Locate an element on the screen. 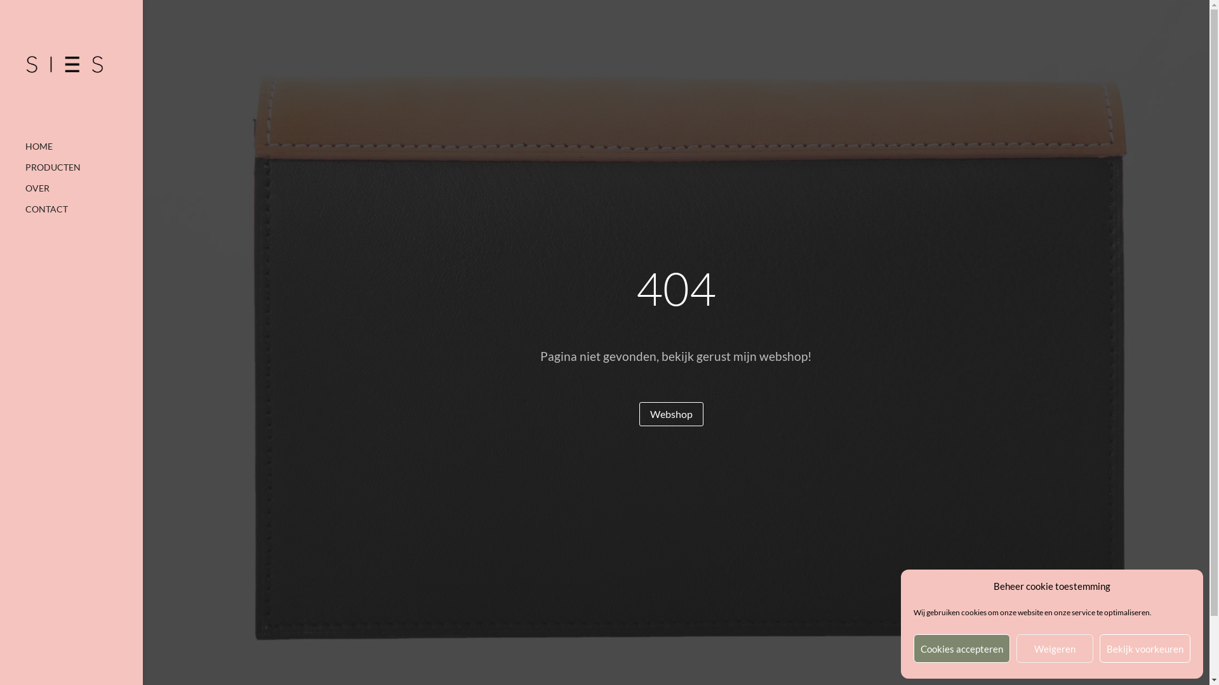  'PRODUCTEN' is located at coordinates (83, 173).